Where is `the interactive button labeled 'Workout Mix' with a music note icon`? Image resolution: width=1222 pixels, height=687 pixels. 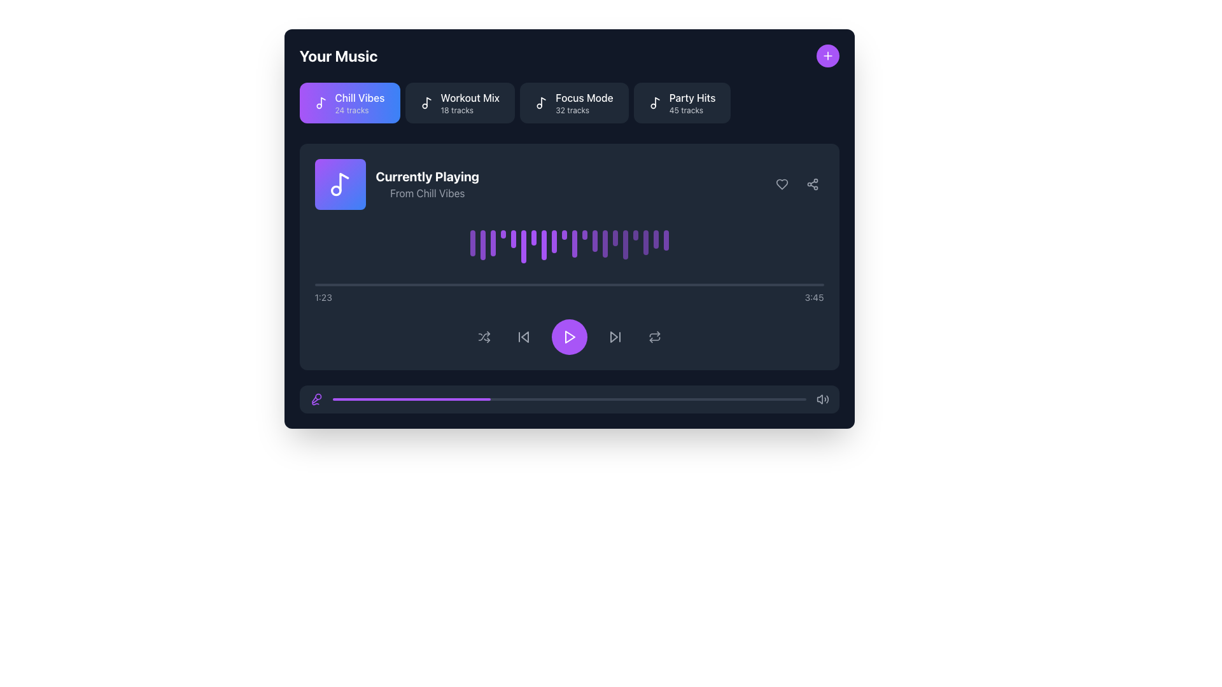
the interactive button labeled 'Workout Mix' with a music note icon is located at coordinates (459, 102).